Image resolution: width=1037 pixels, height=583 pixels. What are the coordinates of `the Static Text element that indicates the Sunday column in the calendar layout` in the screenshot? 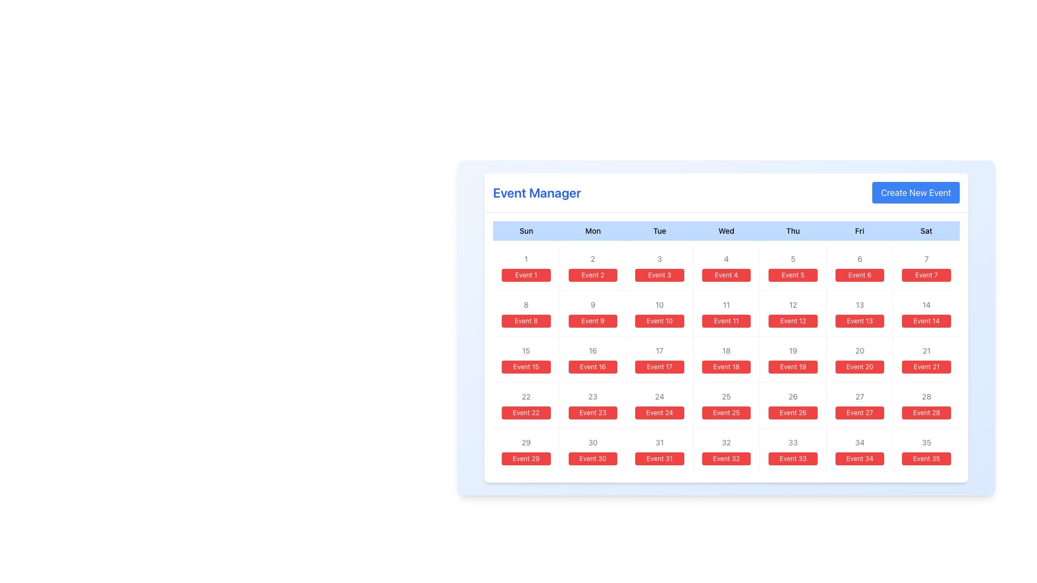 It's located at (526, 231).